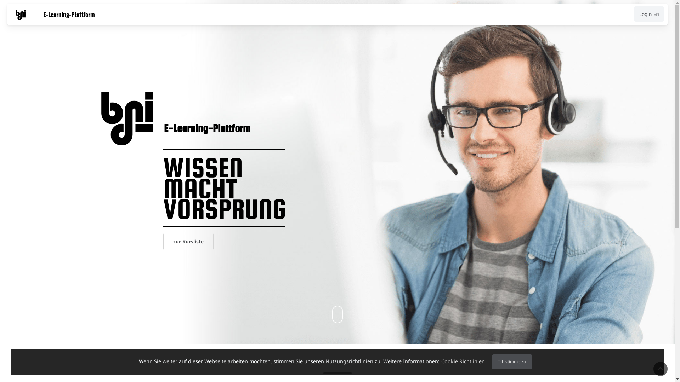 The width and height of the screenshot is (680, 382). What do you see at coordinates (463, 361) in the screenshot?
I see `'Cookie Richtlinien'` at bounding box center [463, 361].